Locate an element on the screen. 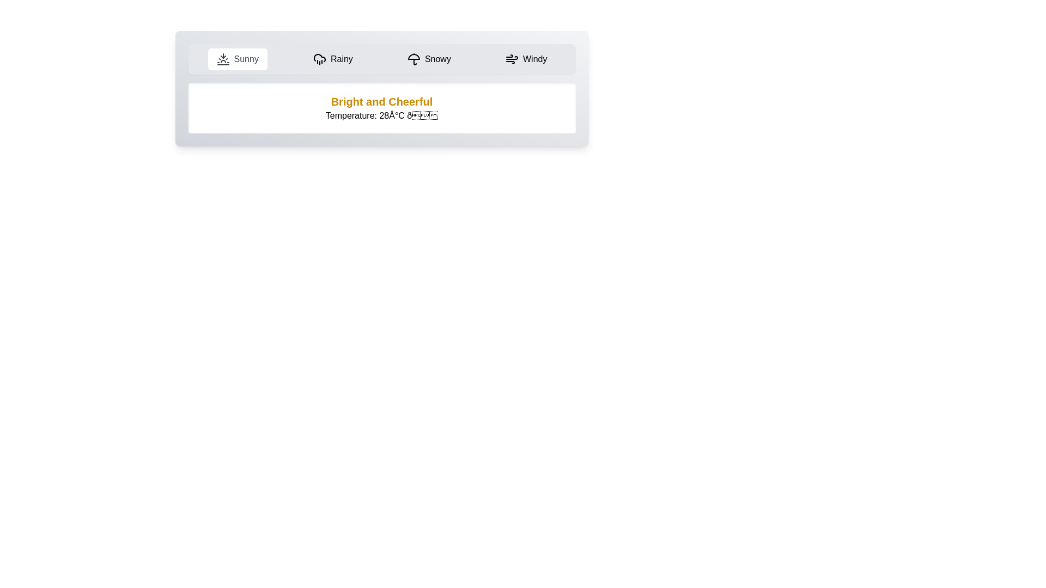 The height and width of the screenshot is (588, 1046). the Windy weather tab is located at coordinates (526, 59).